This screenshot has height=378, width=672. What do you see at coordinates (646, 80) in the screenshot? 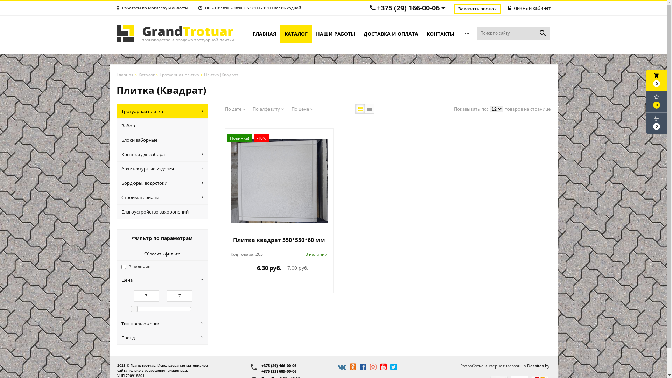
I see `'local_grocery_store` at bounding box center [646, 80].